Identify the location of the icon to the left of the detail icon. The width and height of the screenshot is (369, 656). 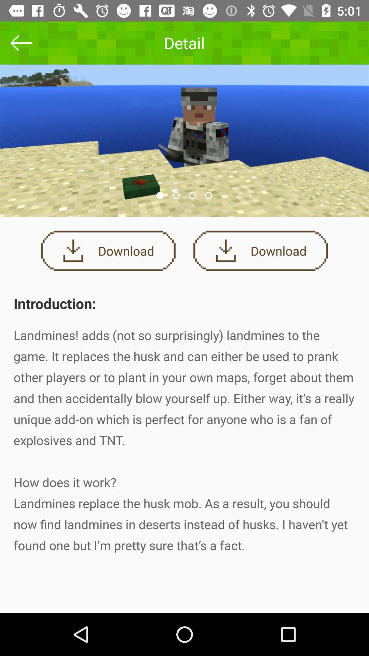
(21, 42).